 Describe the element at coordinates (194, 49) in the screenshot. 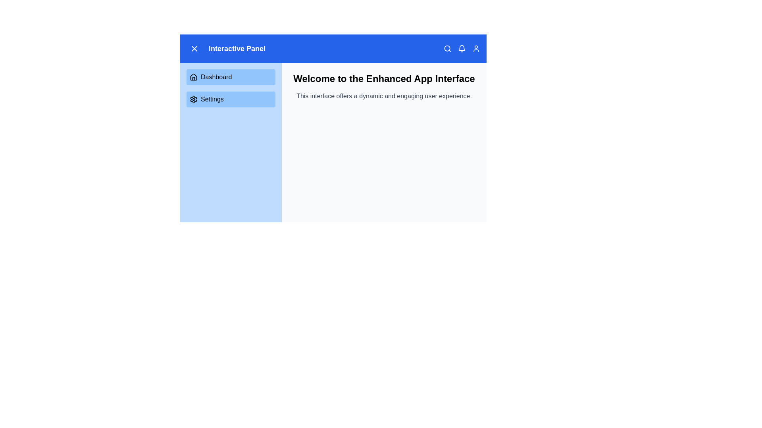

I see `the blue circular button with a white 'X' icon located` at that location.